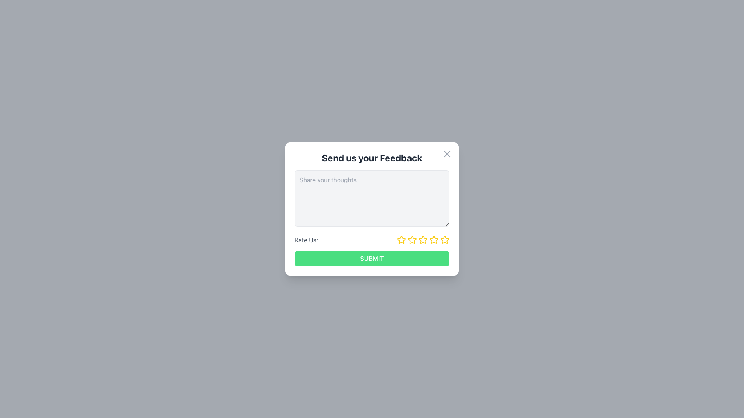  What do you see at coordinates (422, 240) in the screenshot?
I see `the fourth star-shaped clickable rating icon with a yellow outline located under the 'Rate Us' heading in the feedback form` at bounding box center [422, 240].